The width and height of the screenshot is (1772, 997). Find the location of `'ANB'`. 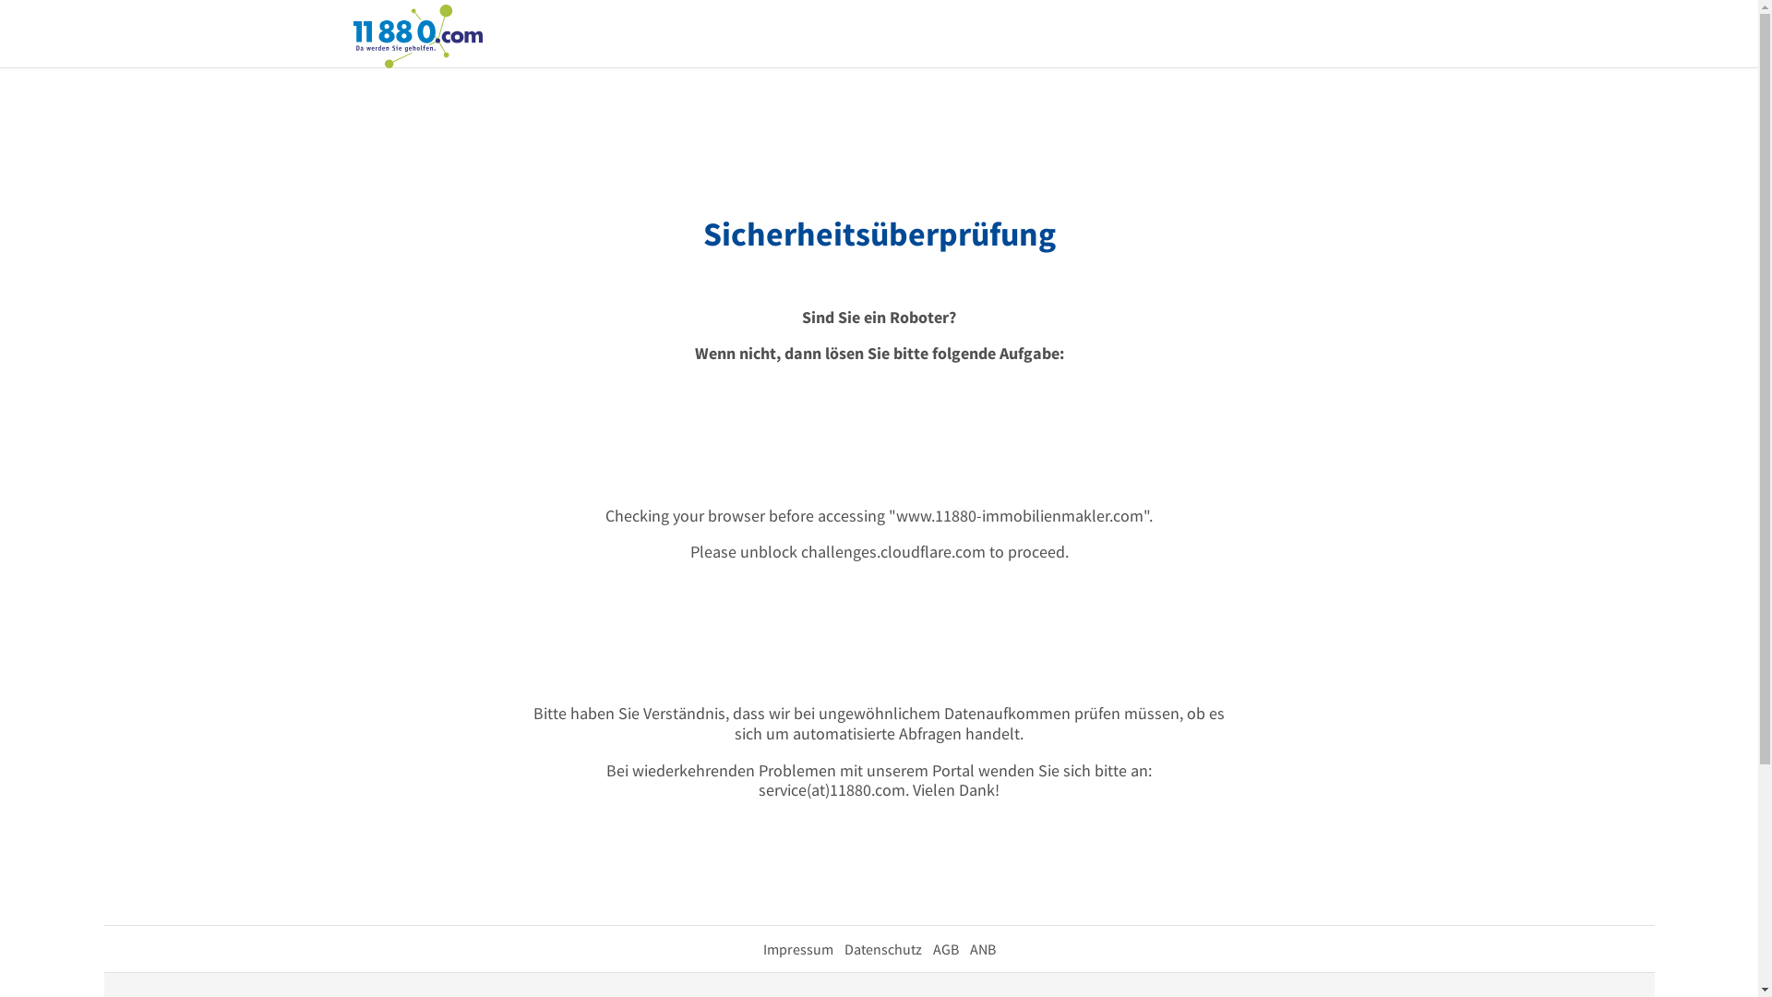

'ANB' is located at coordinates (981, 949).